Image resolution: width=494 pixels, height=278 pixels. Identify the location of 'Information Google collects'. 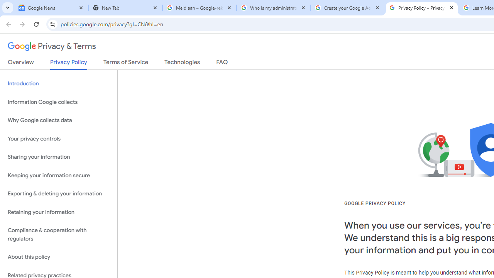
(58, 102).